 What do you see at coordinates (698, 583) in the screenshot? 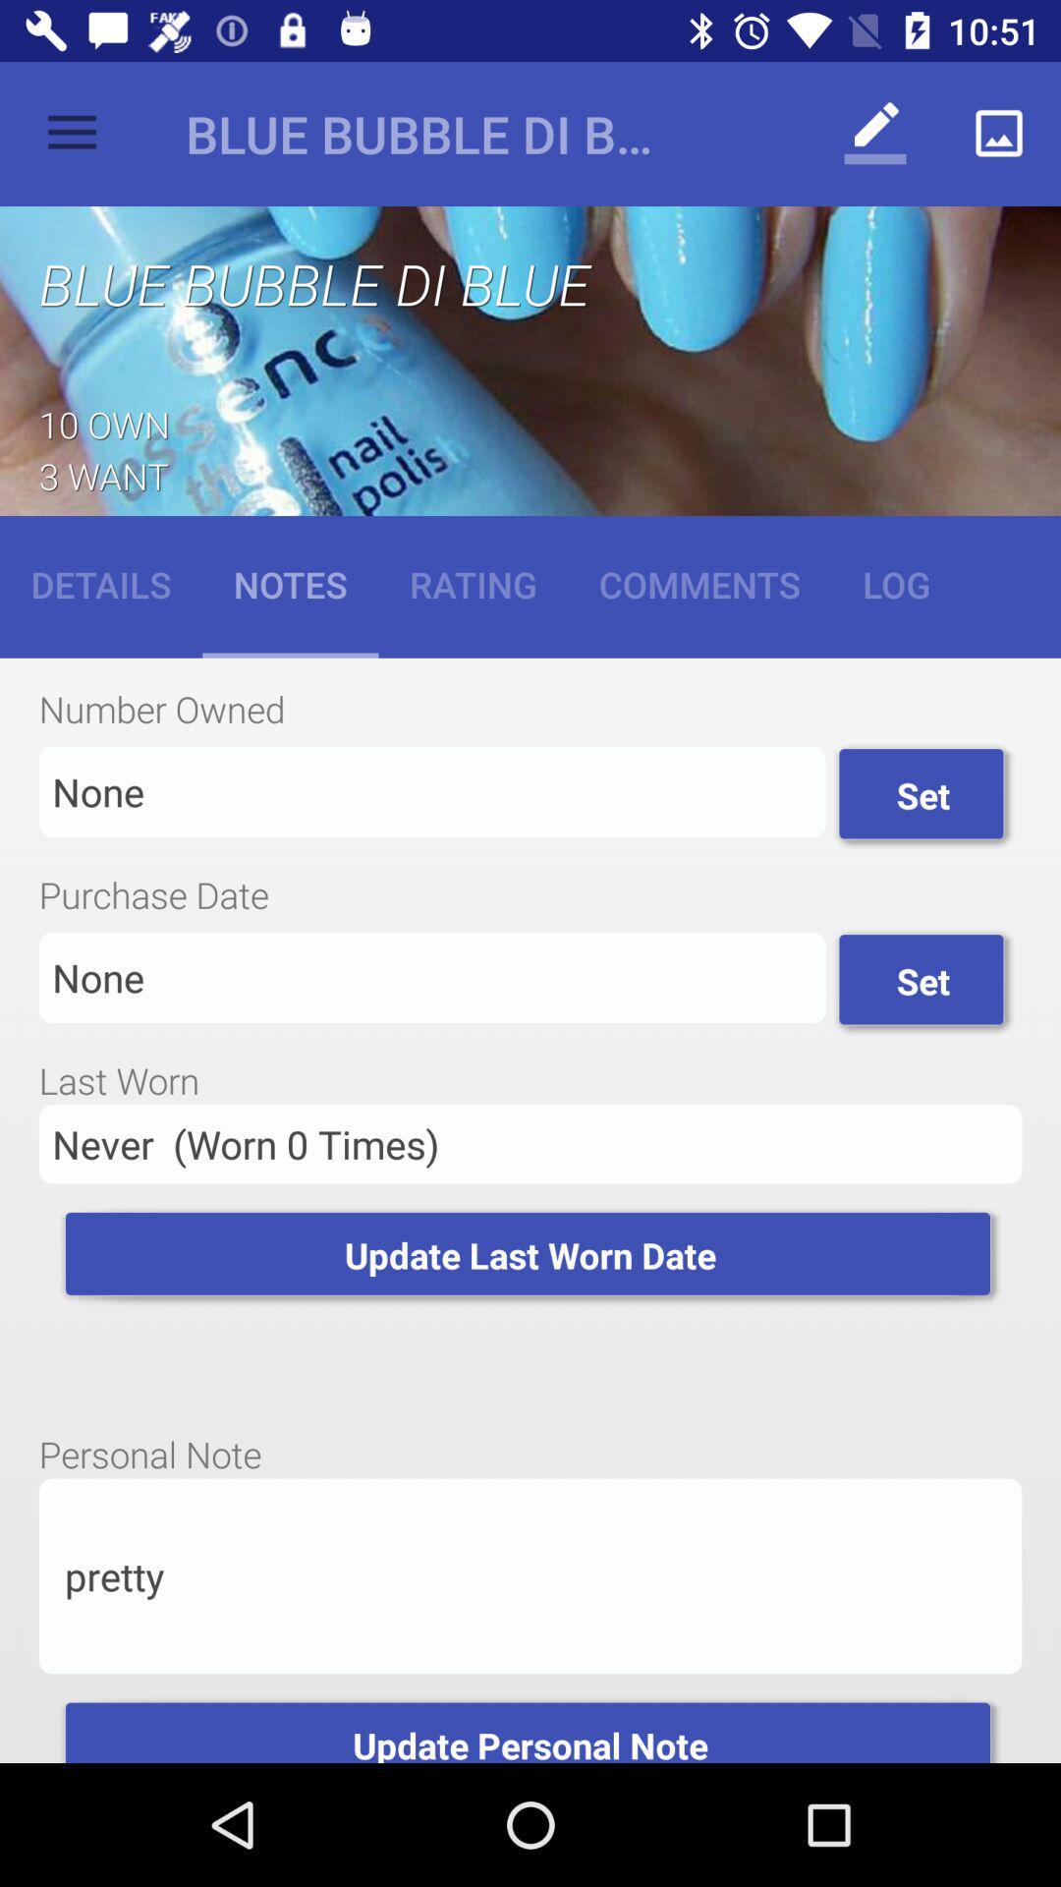
I see `the item next to rating icon` at bounding box center [698, 583].